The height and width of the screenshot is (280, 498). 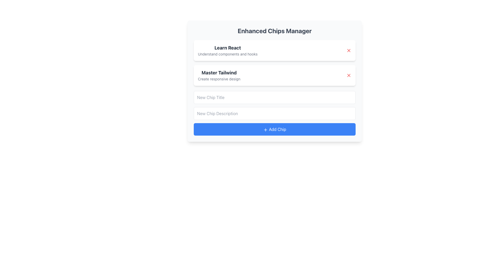 What do you see at coordinates (219, 75) in the screenshot?
I see `the text block titled 'Master Tailwind' with the subtitle 'Create responsive design' for accessibility tools` at bounding box center [219, 75].